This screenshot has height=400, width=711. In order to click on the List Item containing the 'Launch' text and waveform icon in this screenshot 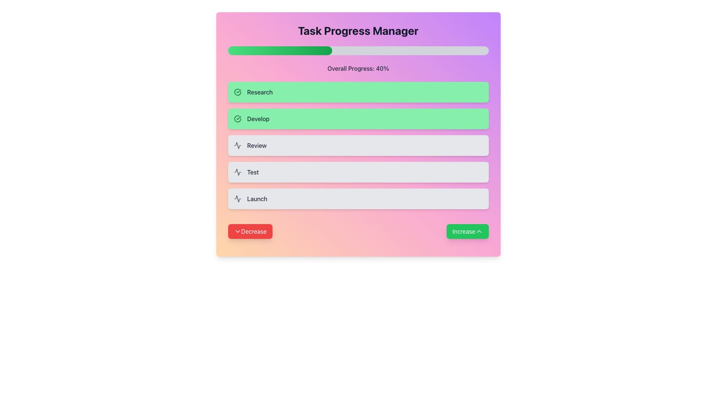, I will do `click(358, 198)`.